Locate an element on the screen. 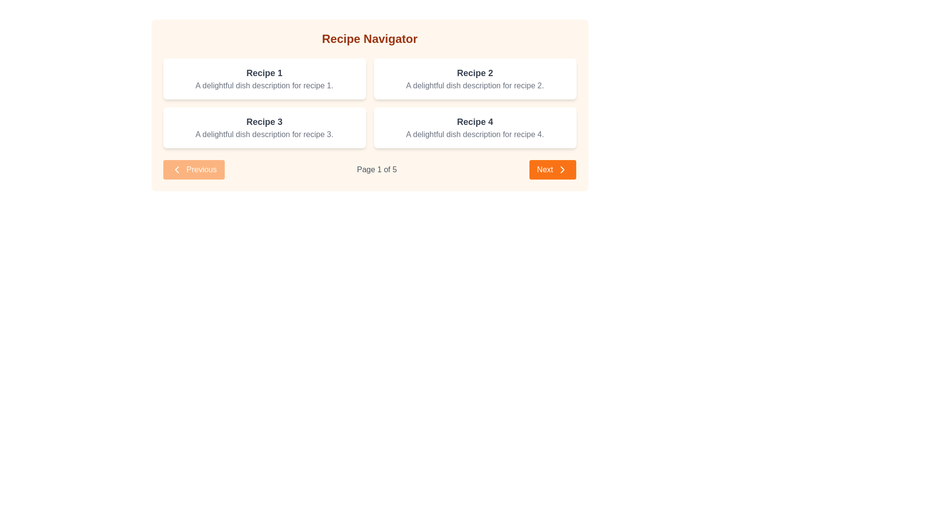  the text label displaying the title 'Recipe 4' in bold and large gray font, located in the bottom-right white rectangular card in a grid layout is located at coordinates (475, 122).